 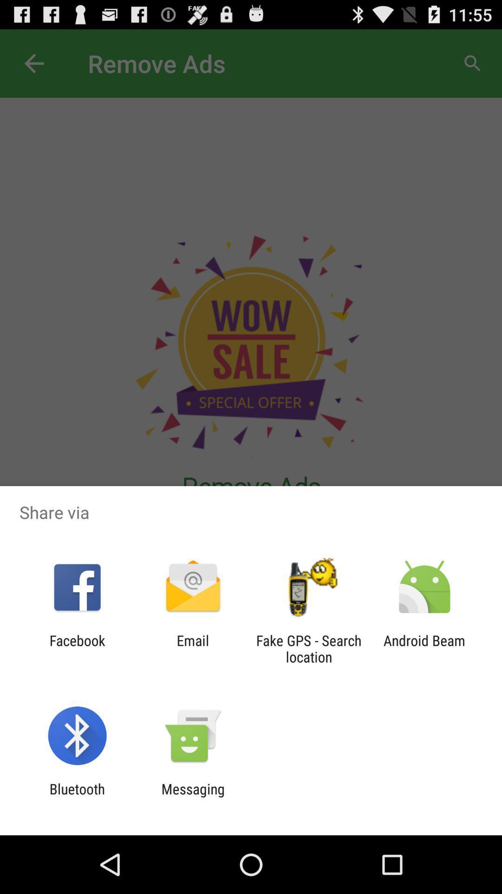 I want to click on item to the left of the email icon, so click(x=77, y=648).